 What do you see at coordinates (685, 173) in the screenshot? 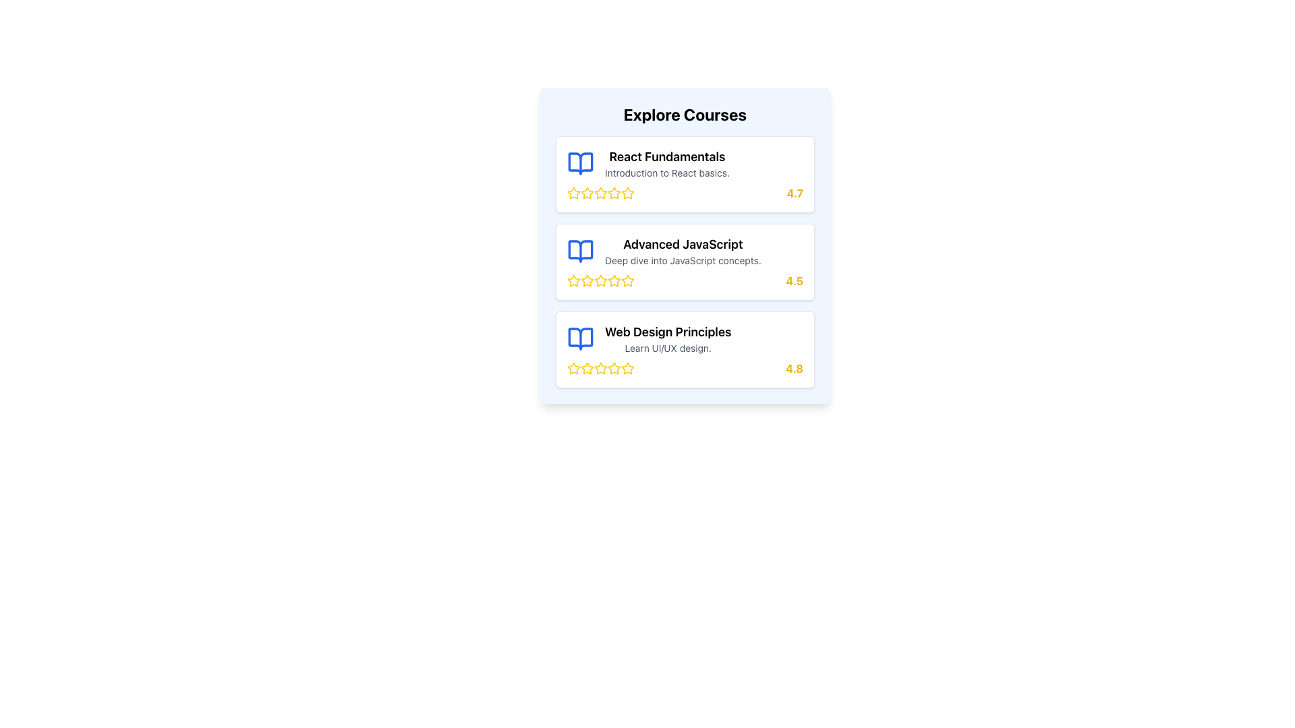
I see `the topmost course entry in the 'Explore Courses' list, which includes the title, brief description, and rating of the course` at bounding box center [685, 173].